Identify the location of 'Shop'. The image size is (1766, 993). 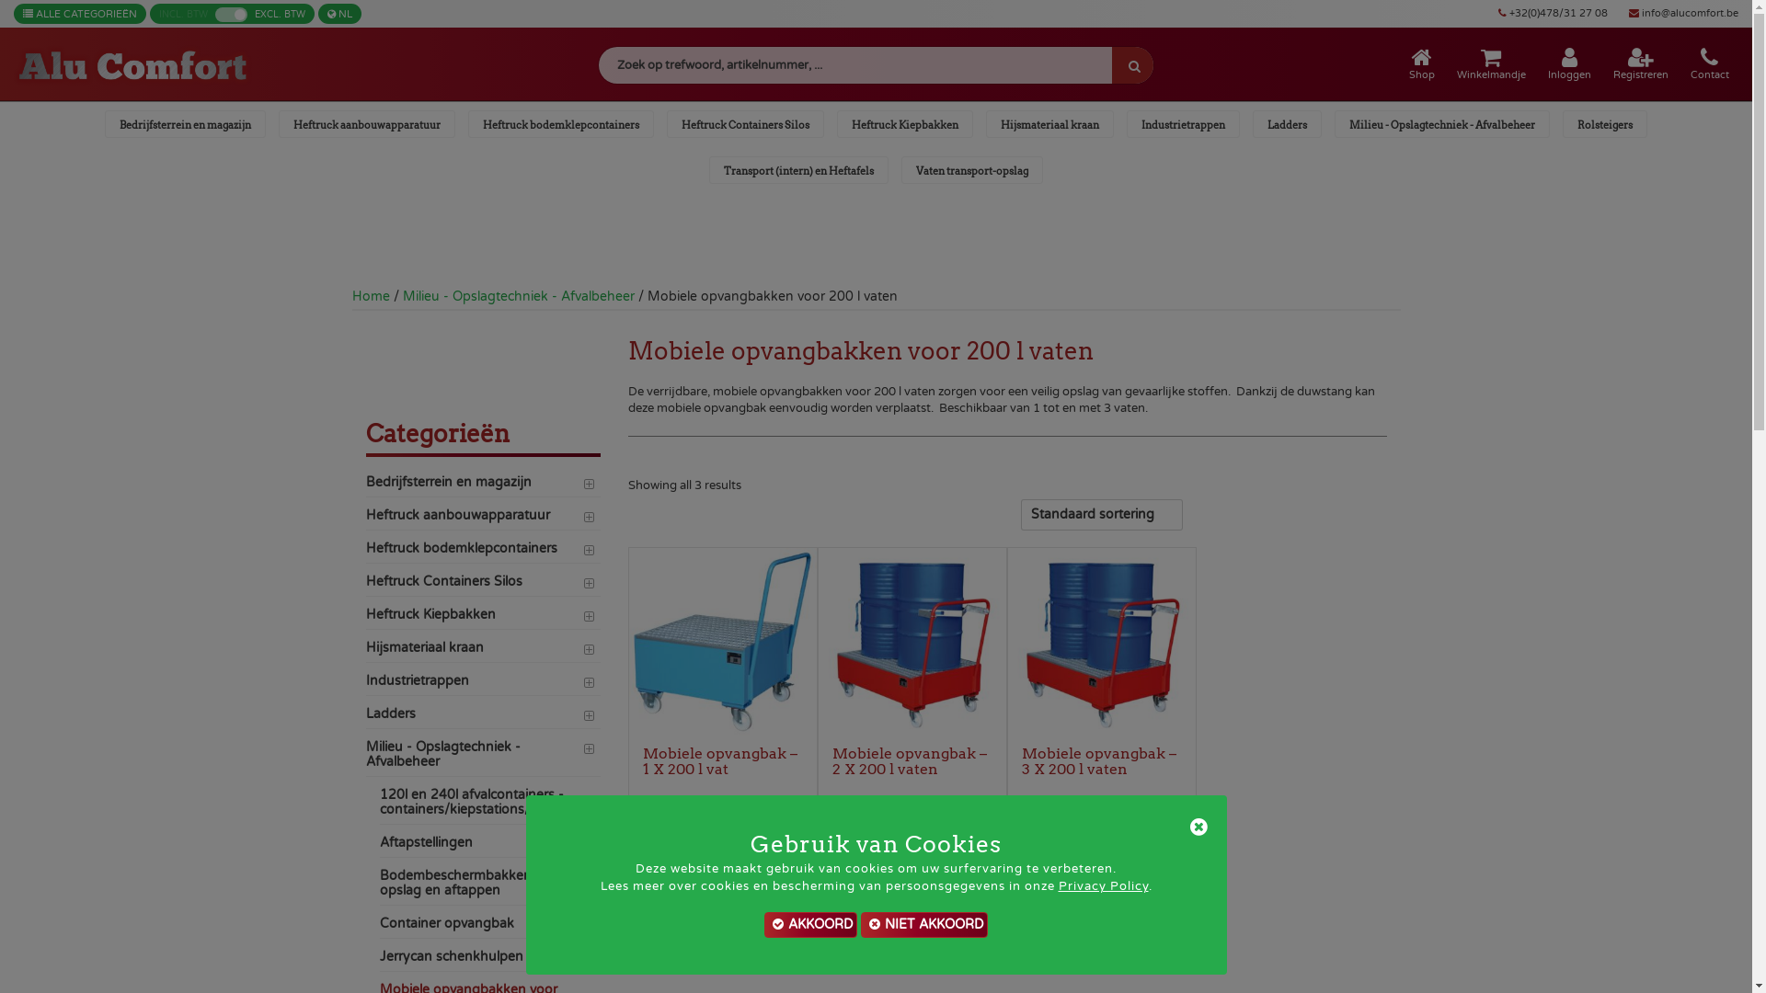
(1420, 63).